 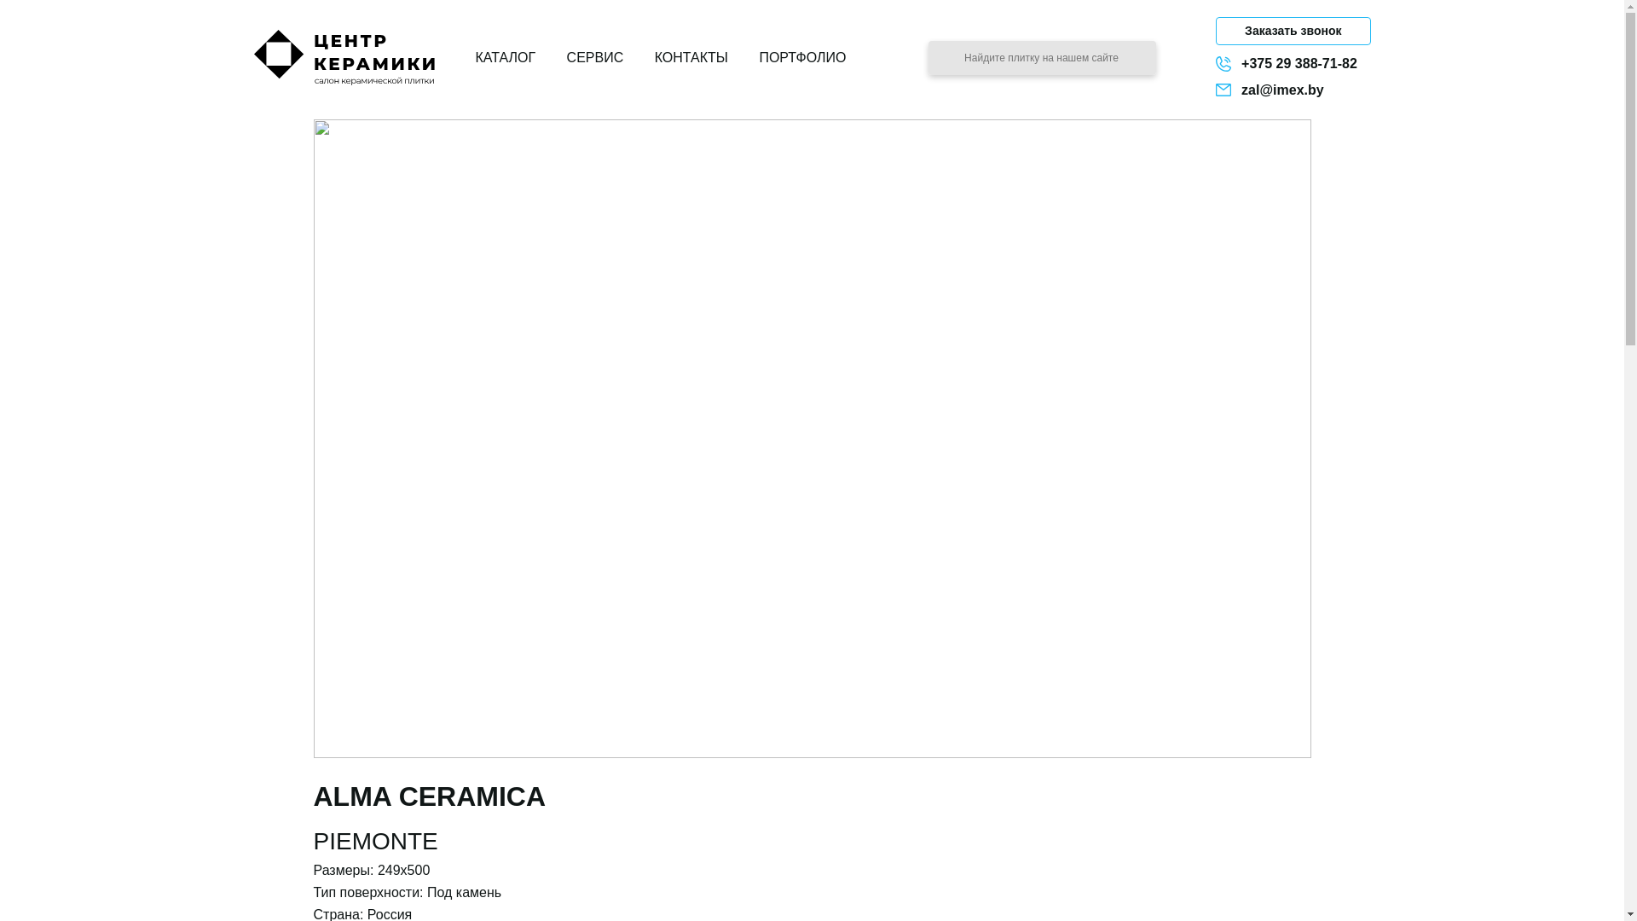 What do you see at coordinates (1293, 90) in the screenshot?
I see `'zal@imex.by'` at bounding box center [1293, 90].